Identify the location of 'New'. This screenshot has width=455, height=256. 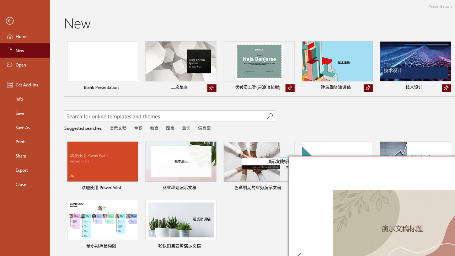
(25, 50).